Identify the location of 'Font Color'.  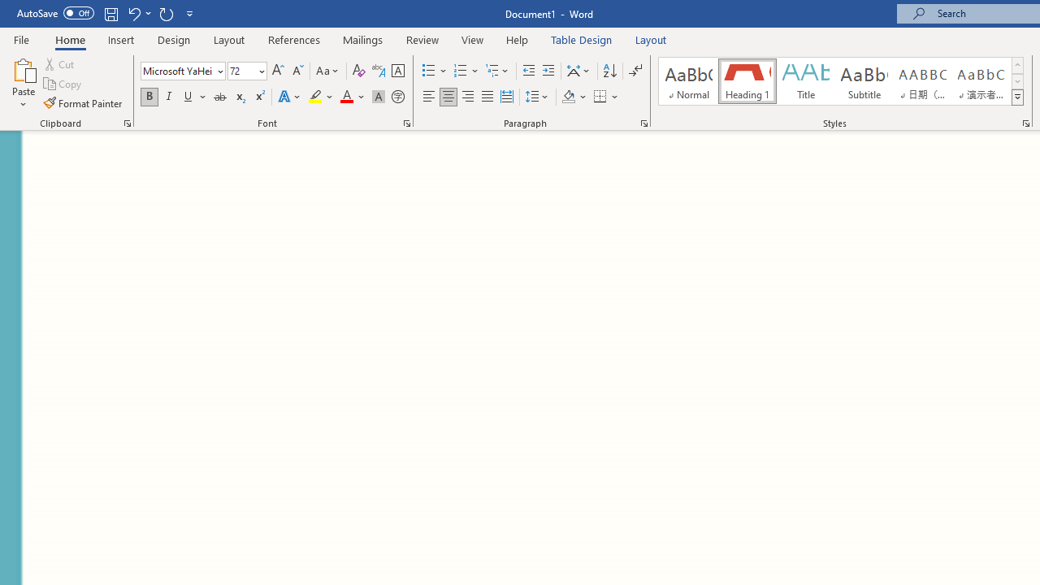
(352, 97).